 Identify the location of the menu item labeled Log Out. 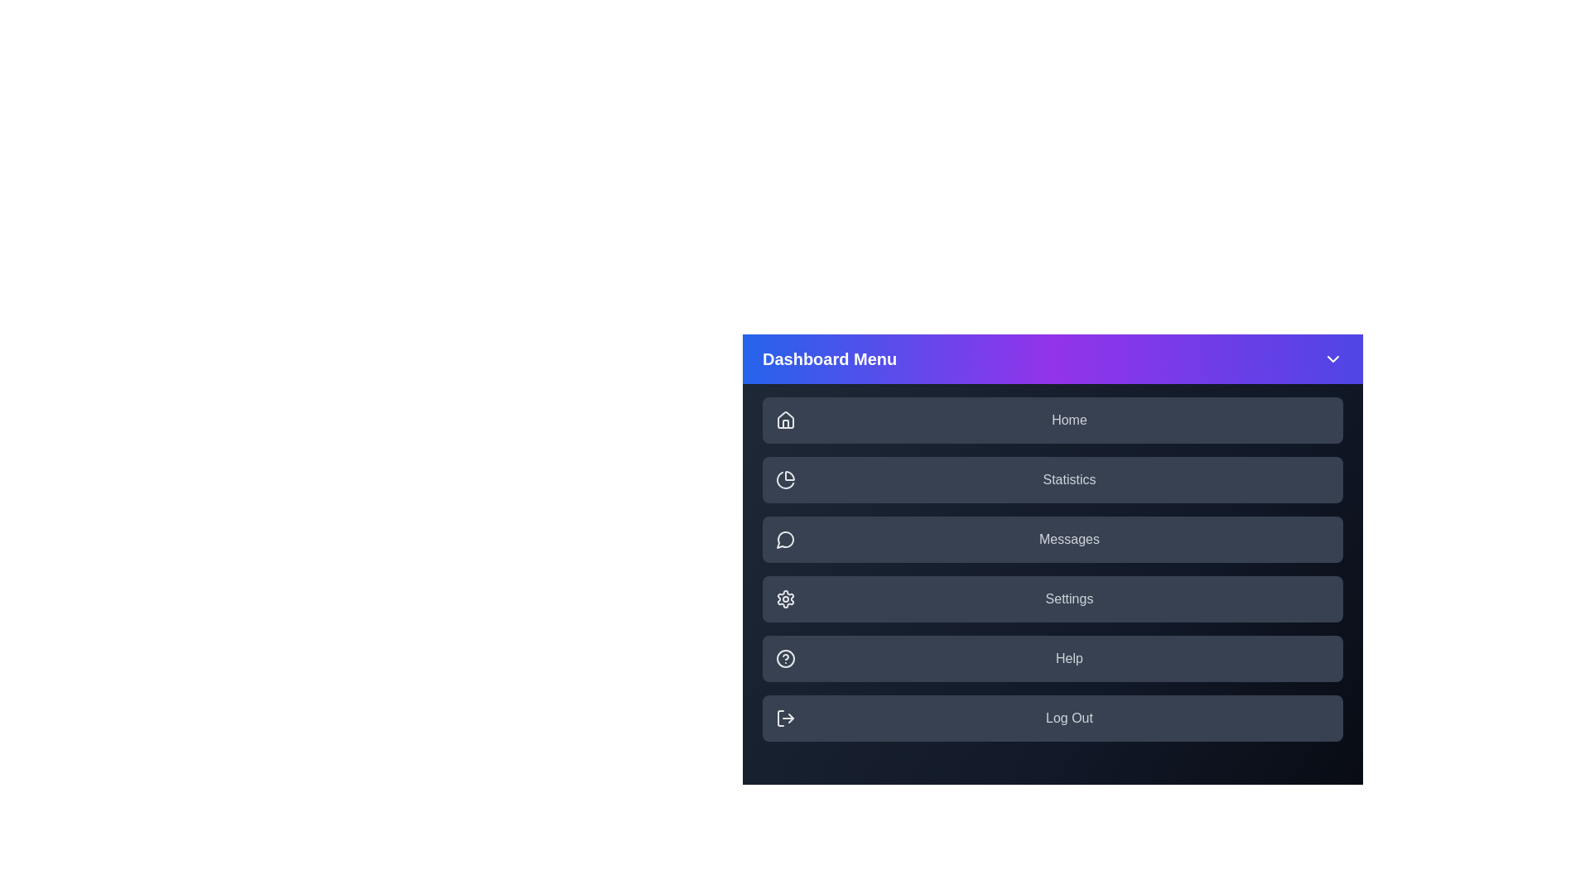
(1052, 717).